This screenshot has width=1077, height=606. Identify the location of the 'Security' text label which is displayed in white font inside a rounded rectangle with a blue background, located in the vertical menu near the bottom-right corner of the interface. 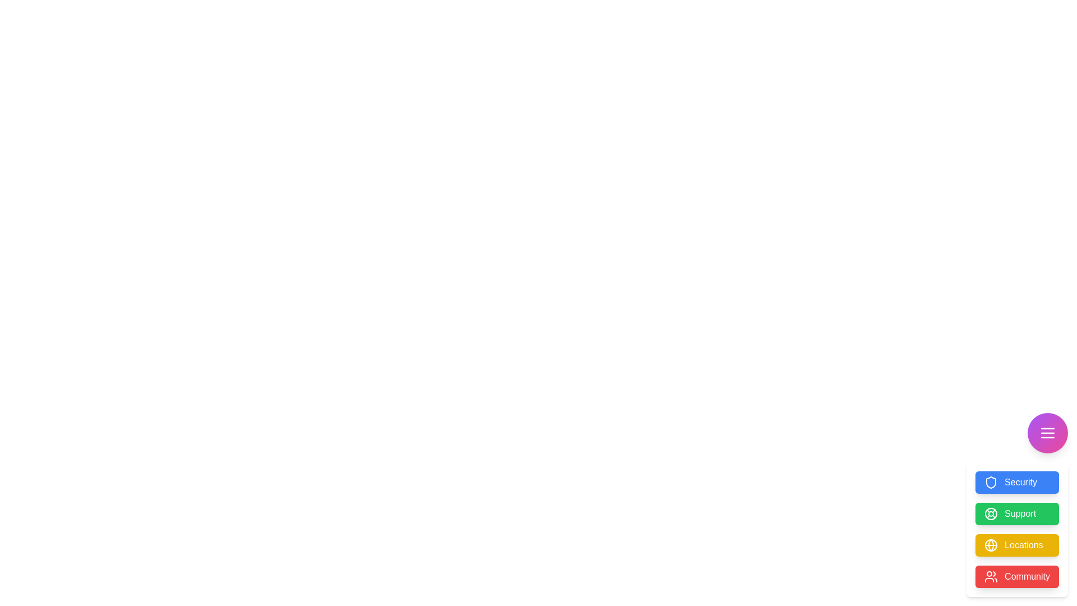
(1020, 482).